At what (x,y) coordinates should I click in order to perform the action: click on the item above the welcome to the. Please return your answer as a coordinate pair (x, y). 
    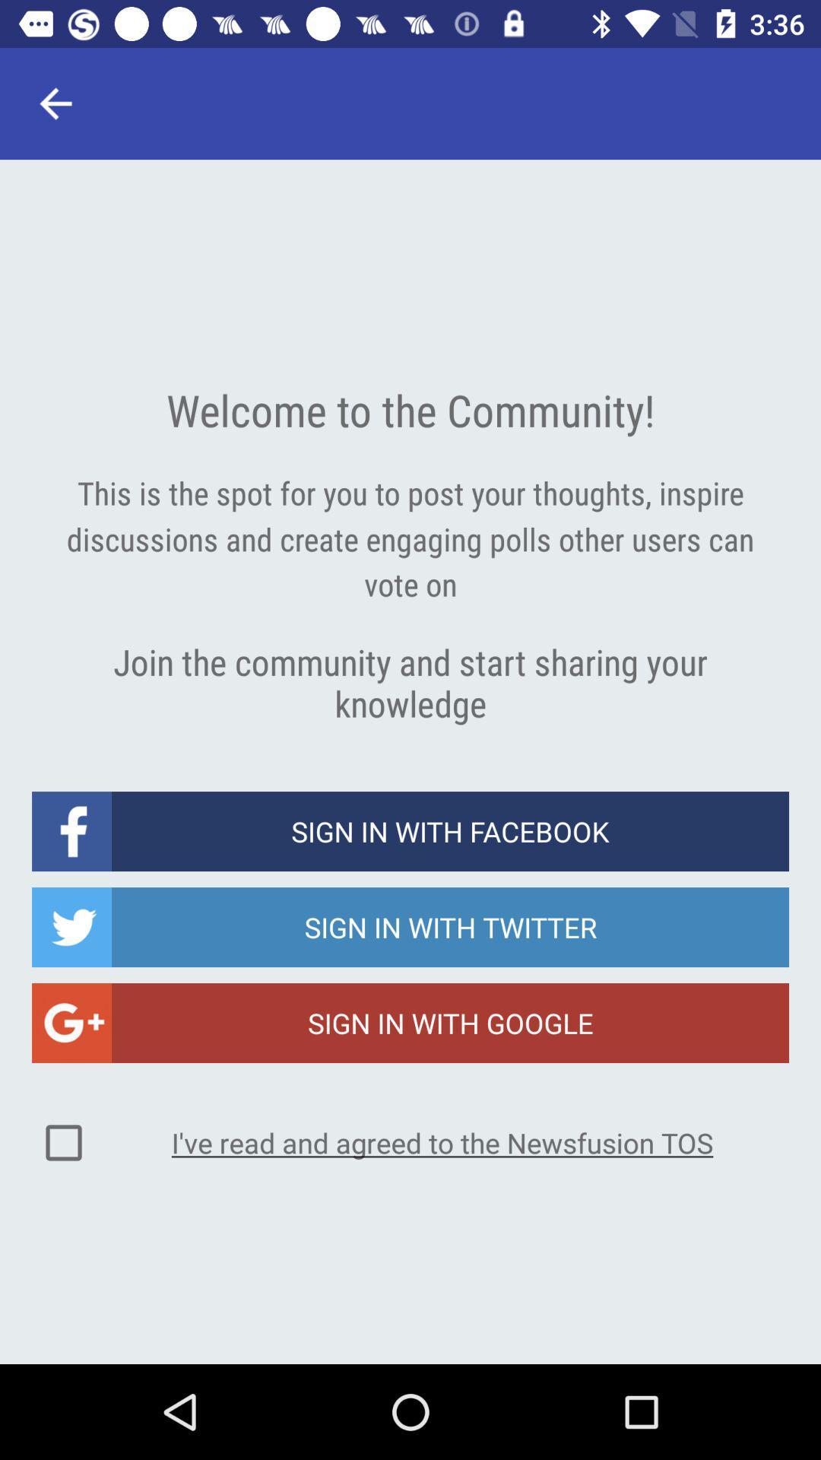
    Looking at the image, I should click on (55, 103).